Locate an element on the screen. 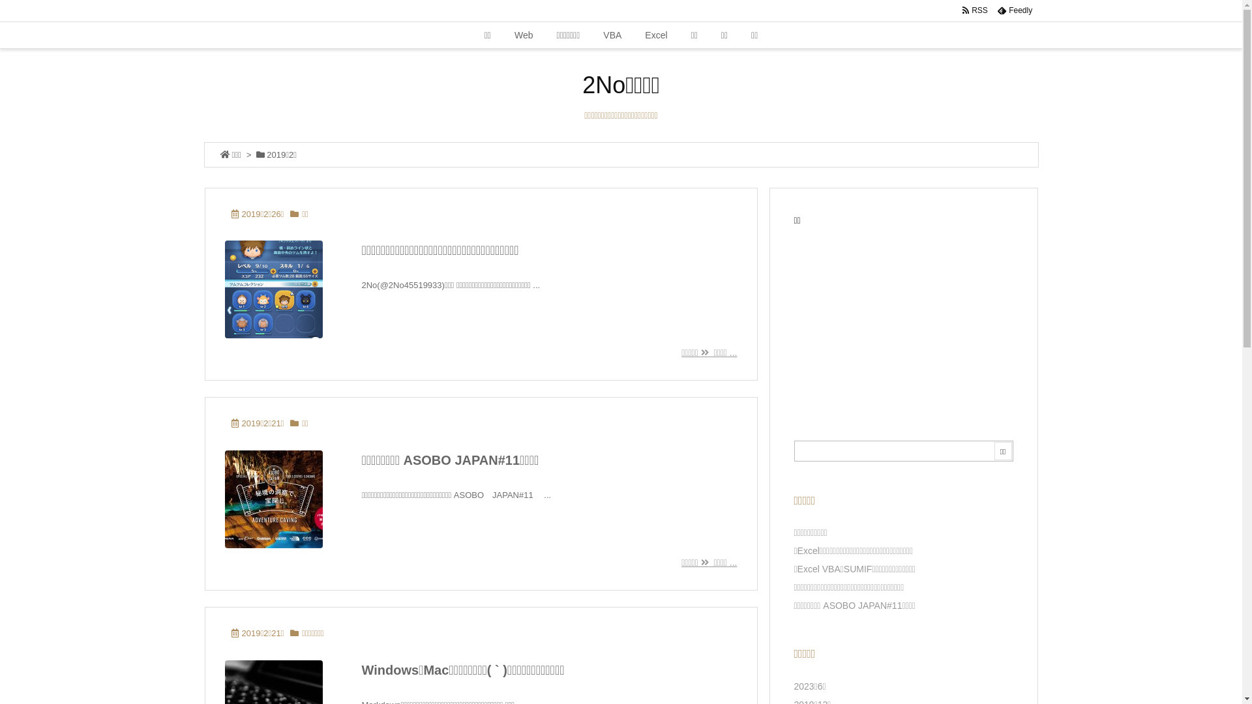 The width and height of the screenshot is (1252, 704). 'VBA' is located at coordinates (612, 35).